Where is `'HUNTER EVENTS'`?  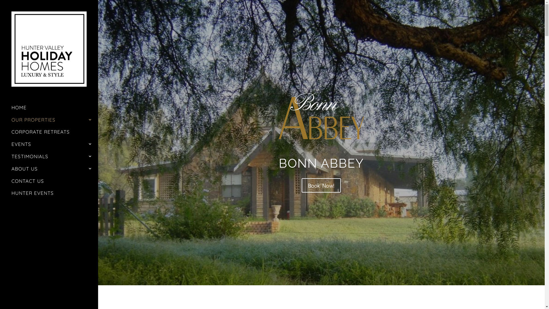
'HUNTER EVENTS' is located at coordinates (11, 195).